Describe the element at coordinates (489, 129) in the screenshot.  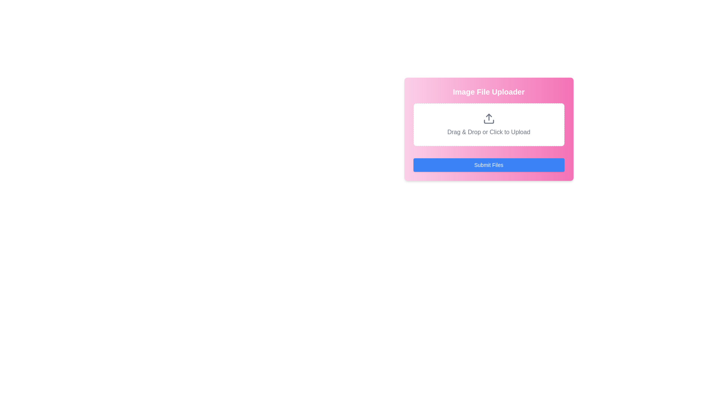
I see `the 'Image File Uploader' component` at that location.